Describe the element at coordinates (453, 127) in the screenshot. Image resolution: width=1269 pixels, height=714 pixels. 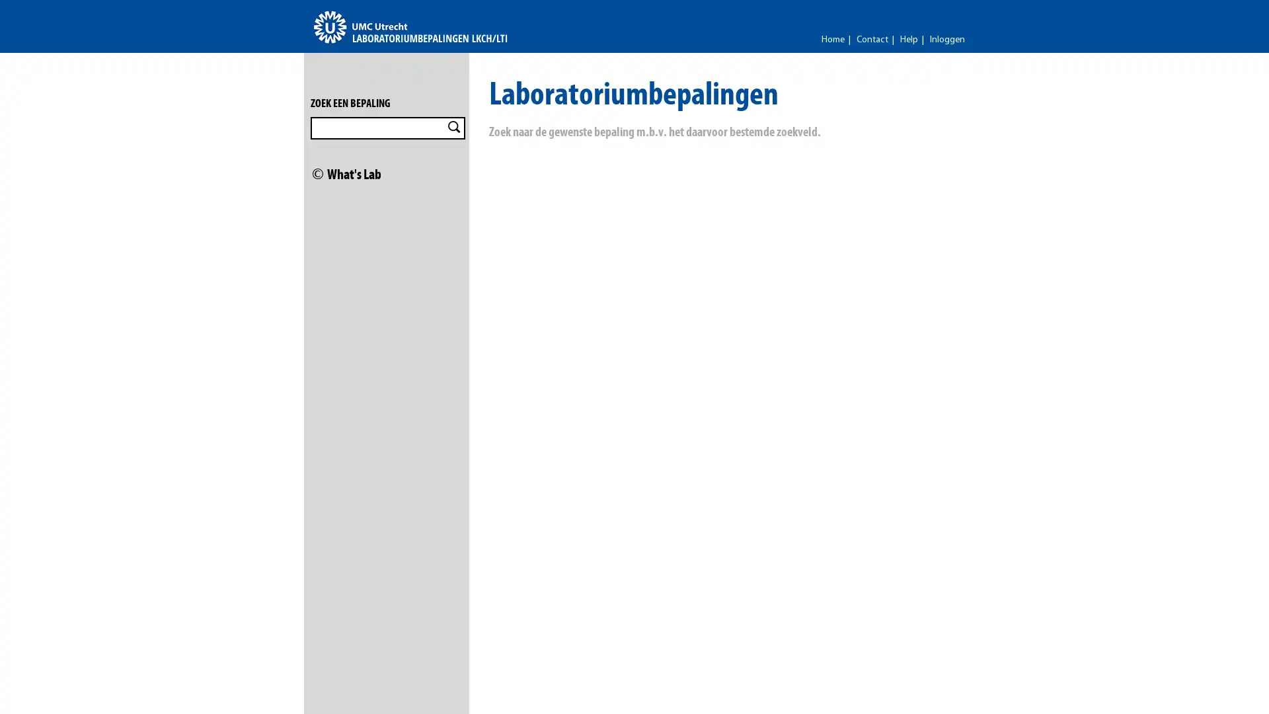
I see `Zoek naar bepaling` at that location.